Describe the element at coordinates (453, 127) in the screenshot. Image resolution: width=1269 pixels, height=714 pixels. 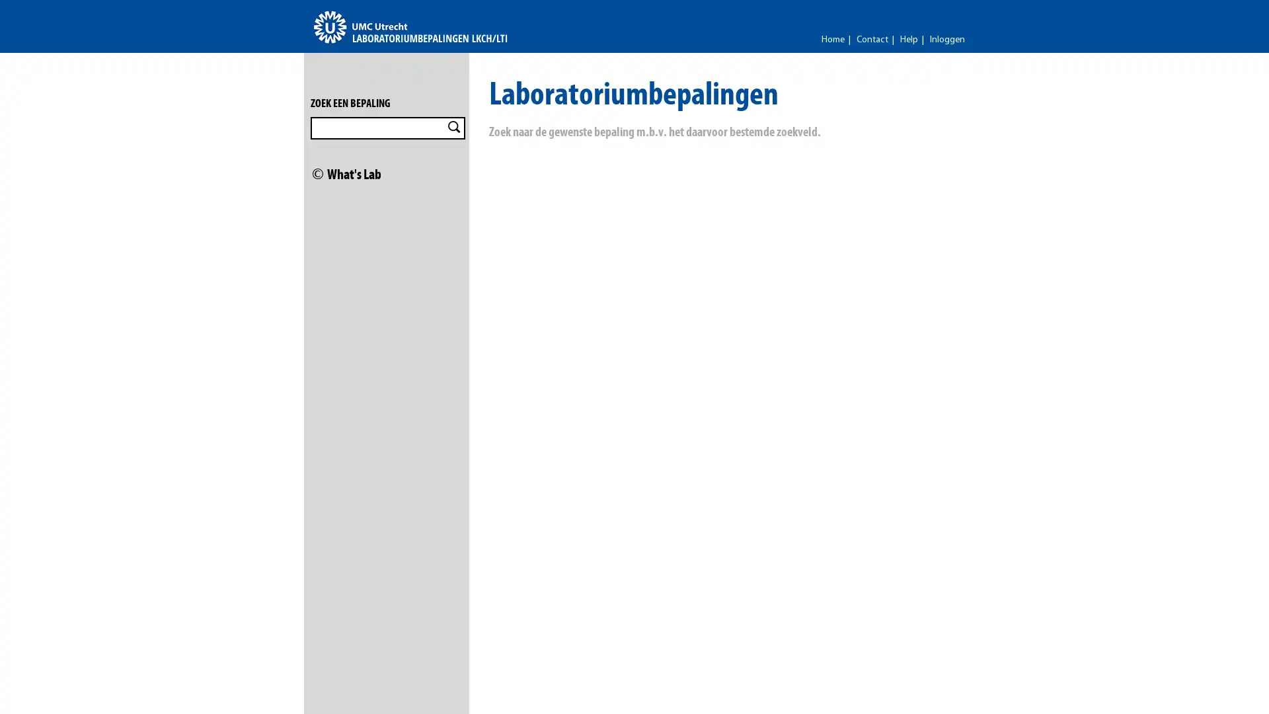
I see `Zoek naar bepaling` at that location.